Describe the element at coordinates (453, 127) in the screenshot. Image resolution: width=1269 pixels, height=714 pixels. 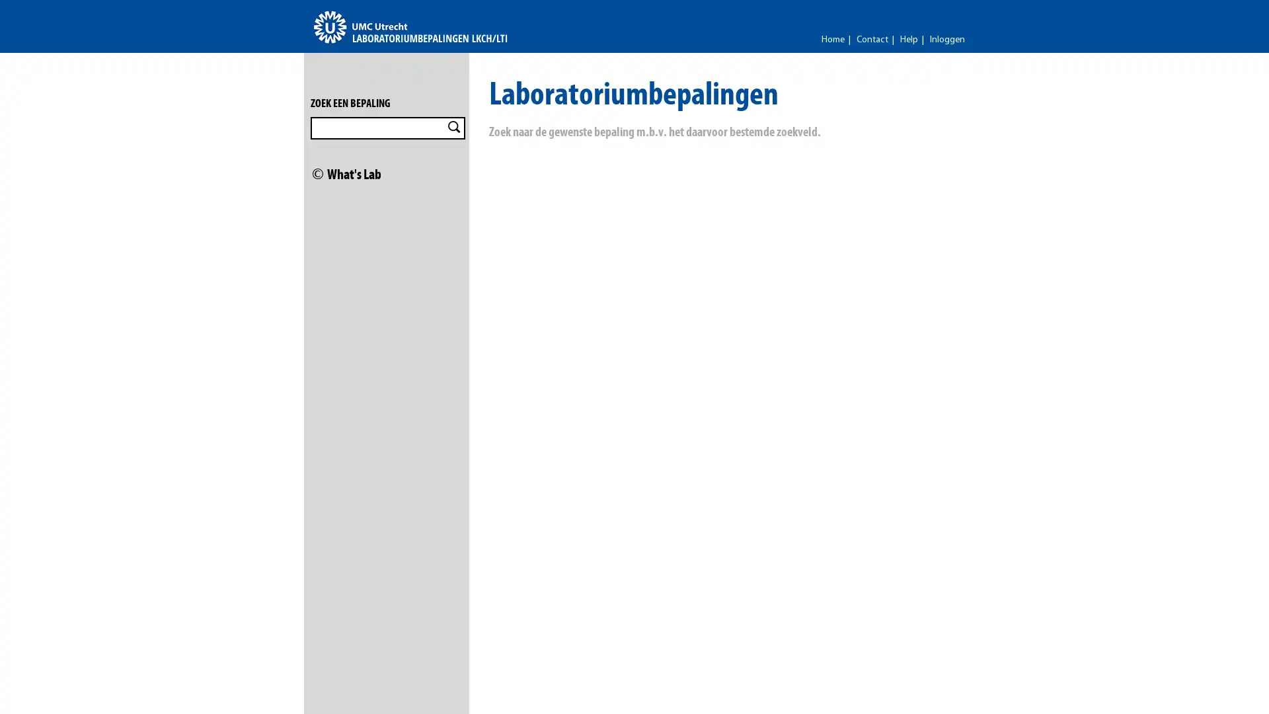
I see `Zoek naar bepaling` at that location.